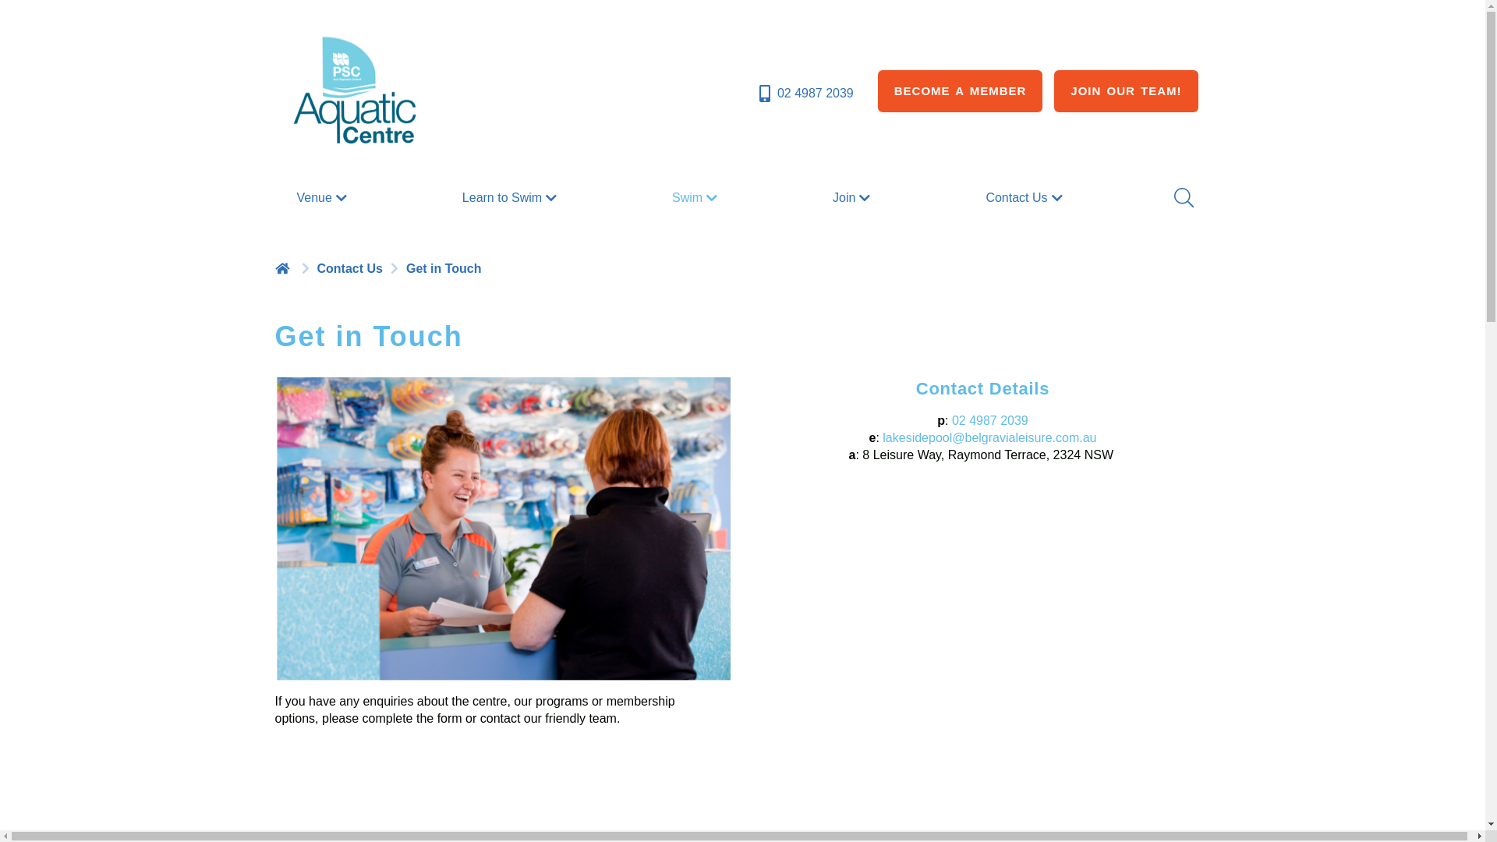 The width and height of the screenshot is (1497, 842). I want to click on 'Untitled-design-(23).png', so click(501, 528).